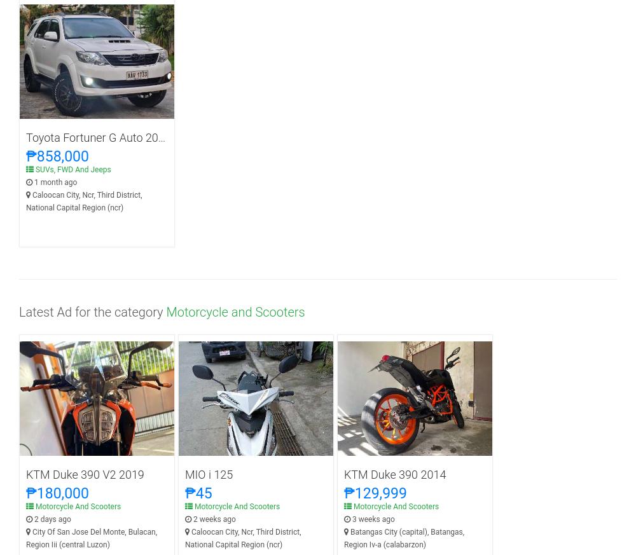 This screenshot has height=555, width=636. What do you see at coordinates (72, 169) in the screenshot?
I see `'SUVs, FWD And Jeeps'` at bounding box center [72, 169].